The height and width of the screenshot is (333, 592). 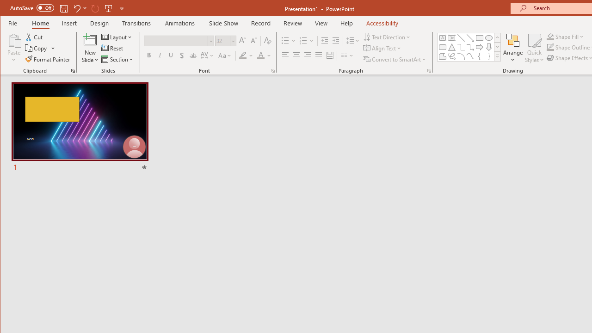 What do you see at coordinates (461, 37) in the screenshot?
I see `'Line'` at bounding box center [461, 37].